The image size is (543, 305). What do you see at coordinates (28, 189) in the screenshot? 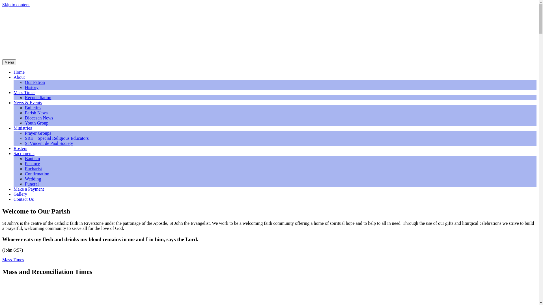
I see `'Make a Payment'` at bounding box center [28, 189].